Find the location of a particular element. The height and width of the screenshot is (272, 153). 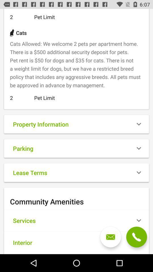

the box that reads the text property information is located at coordinates (76, 124).